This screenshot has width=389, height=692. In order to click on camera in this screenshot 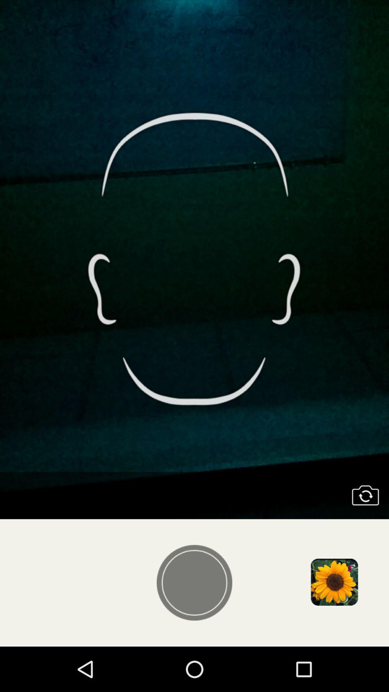, I will do `click(365, 495)`.